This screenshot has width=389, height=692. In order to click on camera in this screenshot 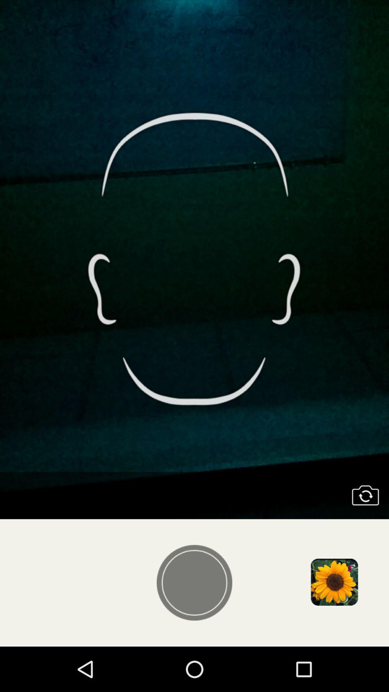, I will do `click(365, 495)`.